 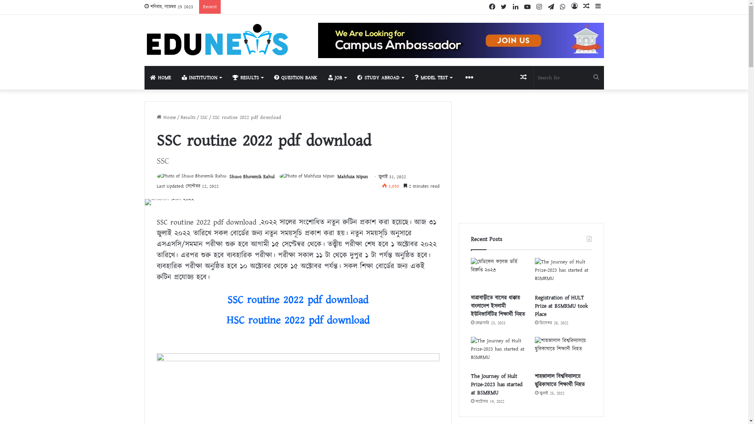 I want to click on 'Search for', so click(x=568, y=77).